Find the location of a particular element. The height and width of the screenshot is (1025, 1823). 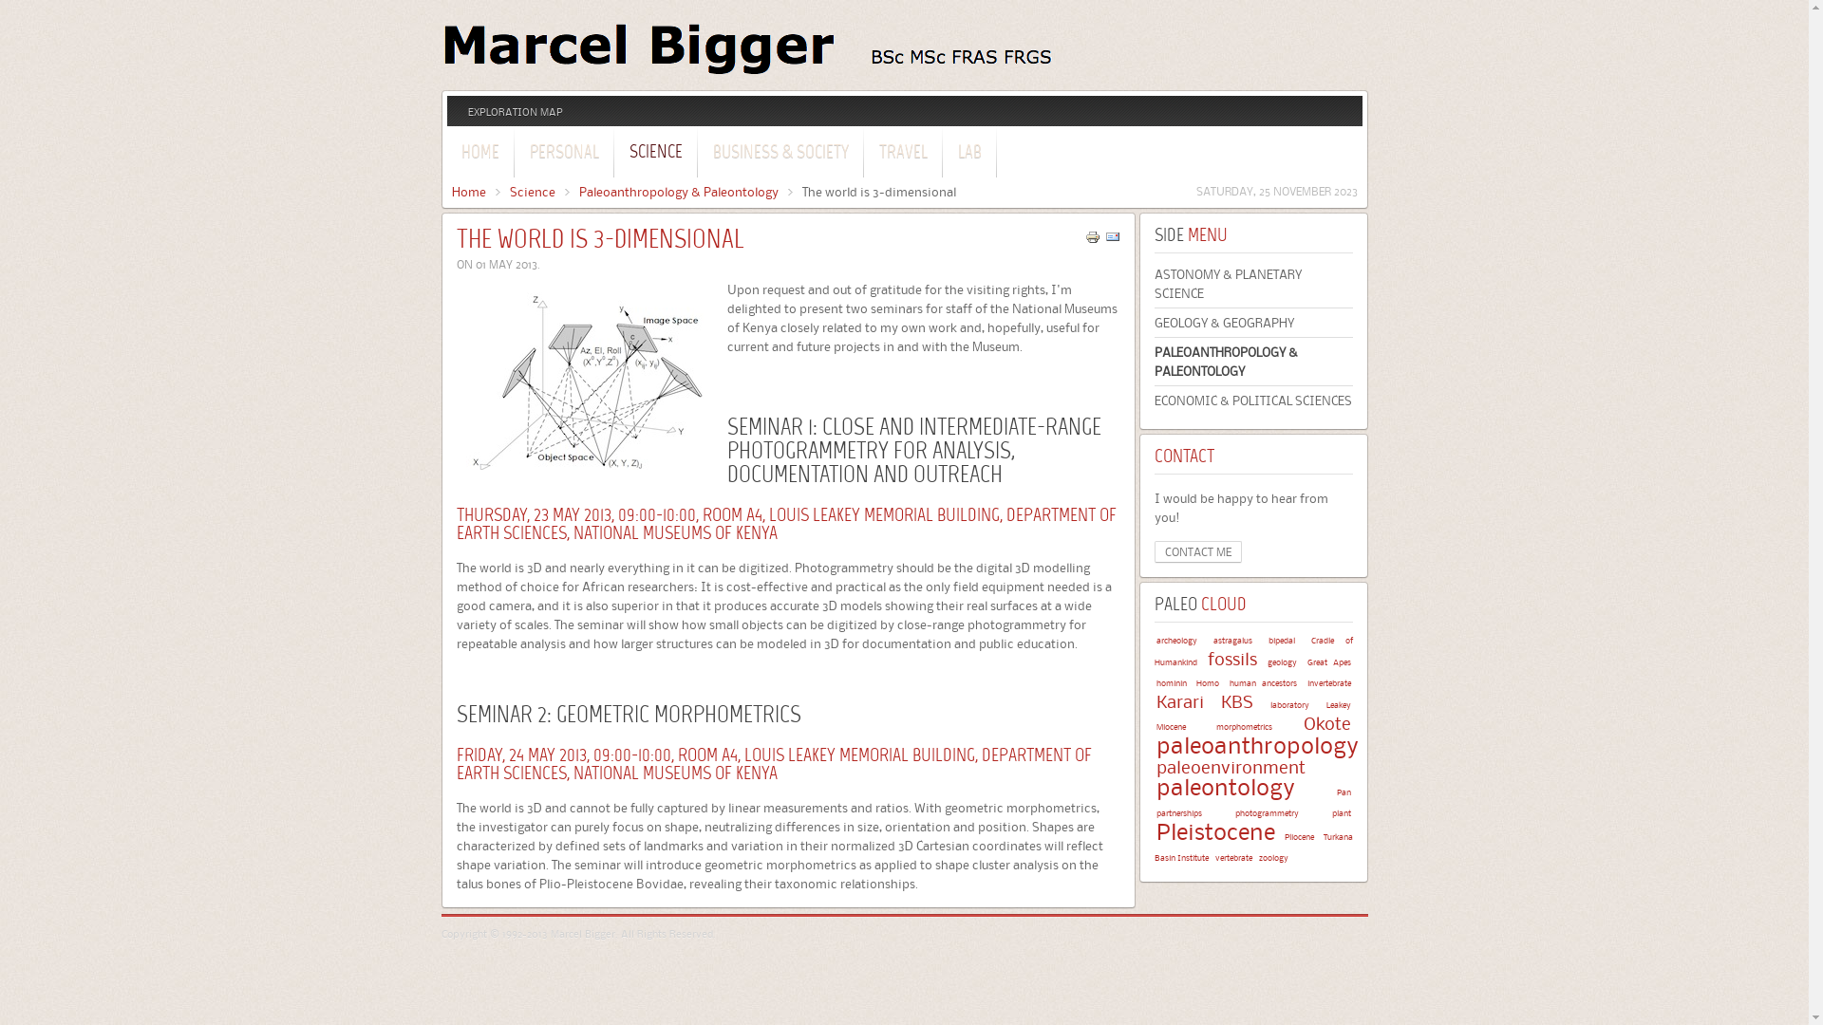

'SCIENCE' is located at coordinates (656, 149).